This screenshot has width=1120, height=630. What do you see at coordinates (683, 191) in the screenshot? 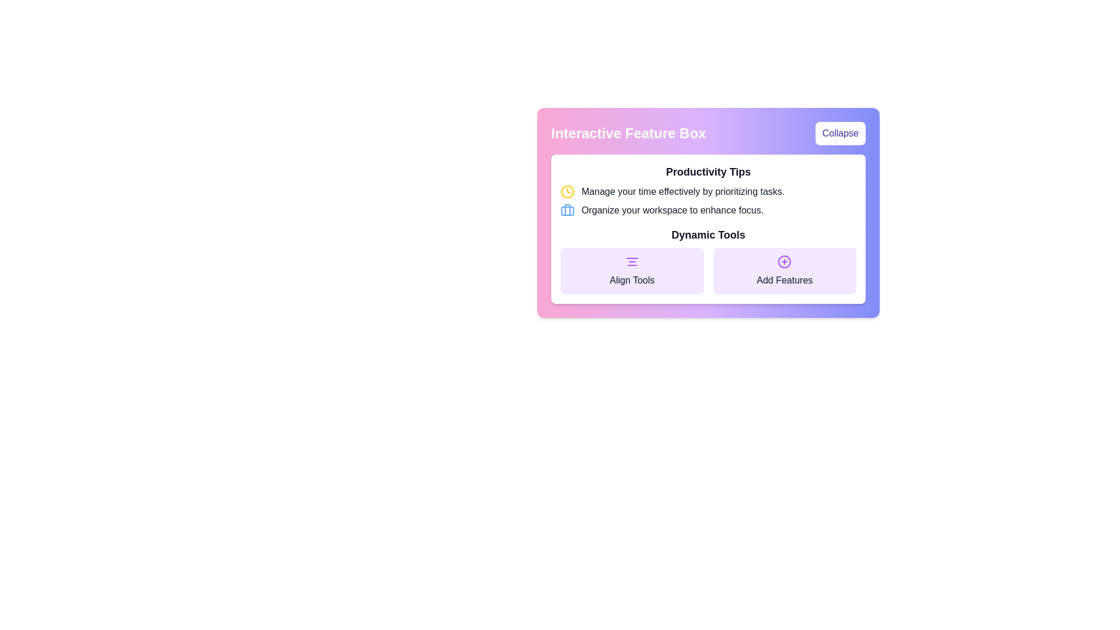
I see `static text element that provides guidance on managing time effectively, located within the 'Interactive Feature Box' below the heading 'Productivity Tips'` at bounding box center [683, 191].